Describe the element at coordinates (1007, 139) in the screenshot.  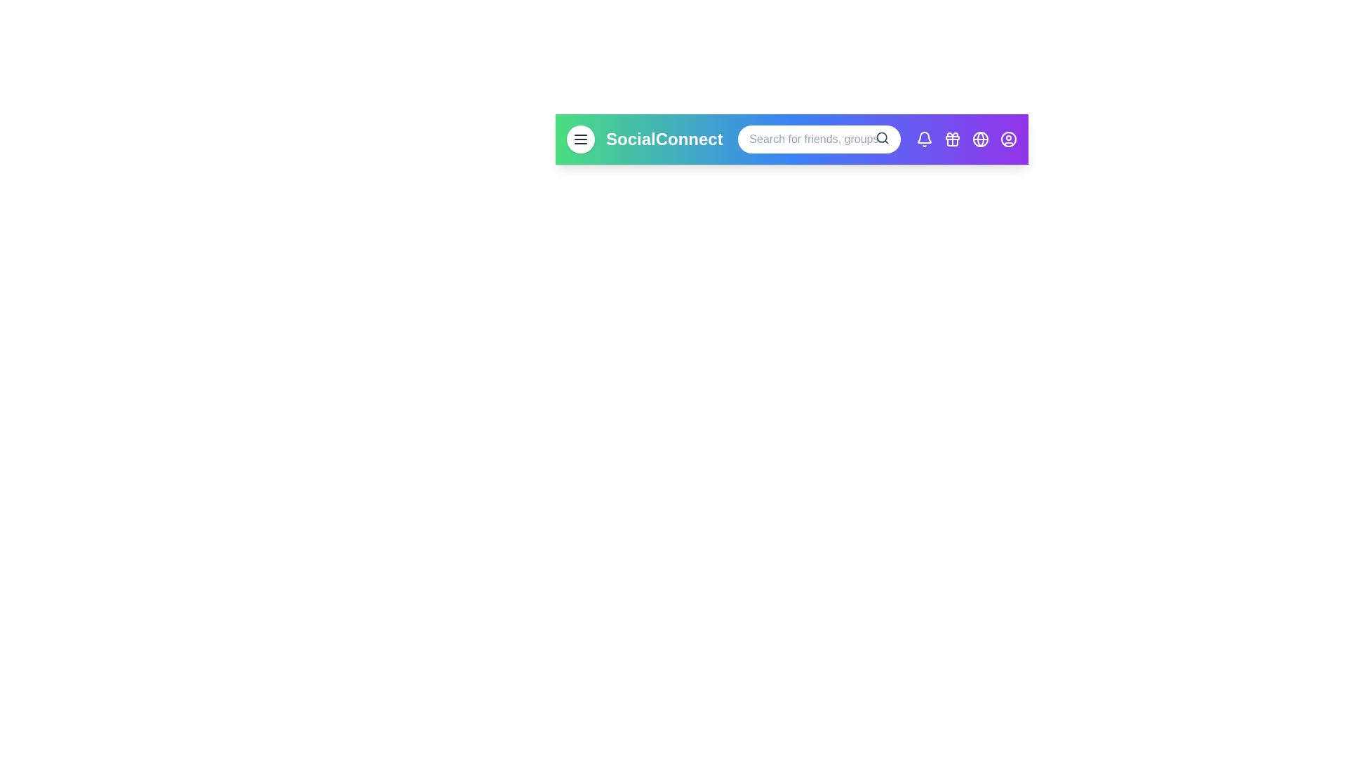
I see `the user profile button in the navigation bar` at that location.